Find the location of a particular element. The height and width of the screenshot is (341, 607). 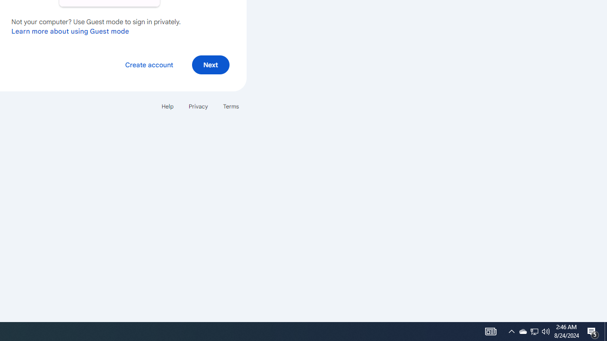

'Learn more about using Guest mode' is located at coordinates (70, 30).